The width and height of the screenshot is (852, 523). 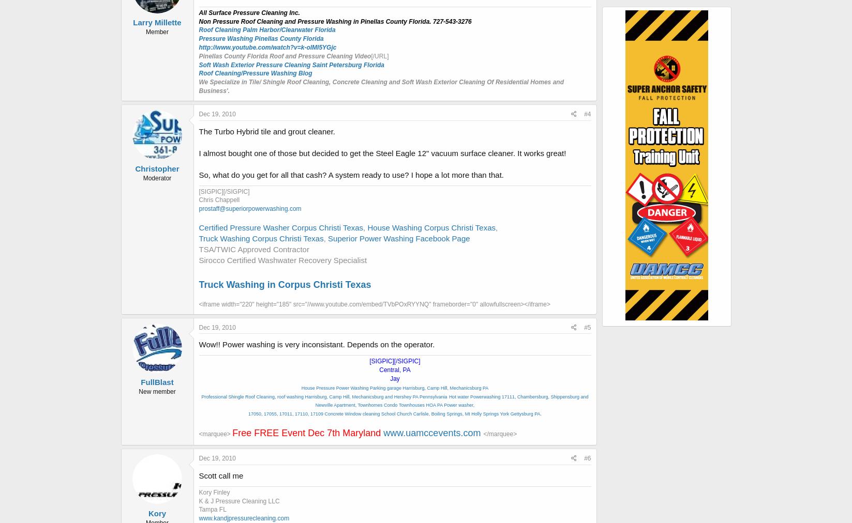 What do you see at coordinates (382, 152) in the screenshot?
I see `'I almost bought one of those but decided to get the Steel Eagle 12" vacuum surface cleaner. It works great!'` at bounding box center [382, 152].